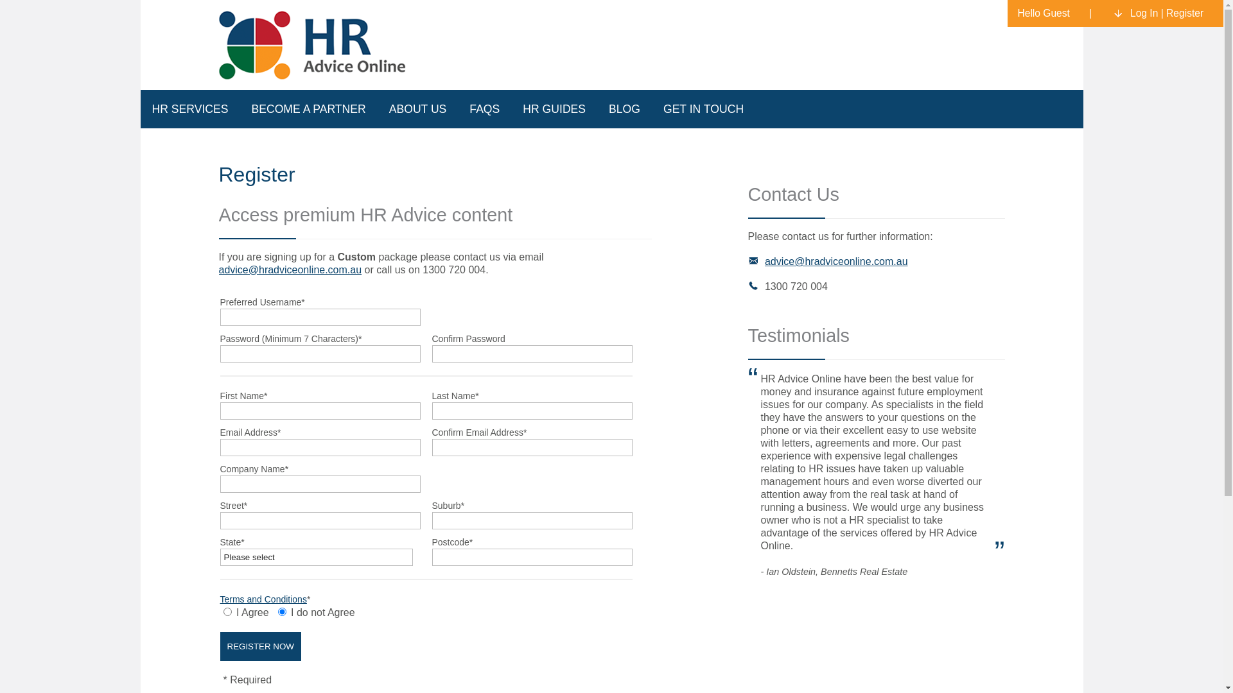  I want to click on 'Log In | Register', so click(1162, 13).